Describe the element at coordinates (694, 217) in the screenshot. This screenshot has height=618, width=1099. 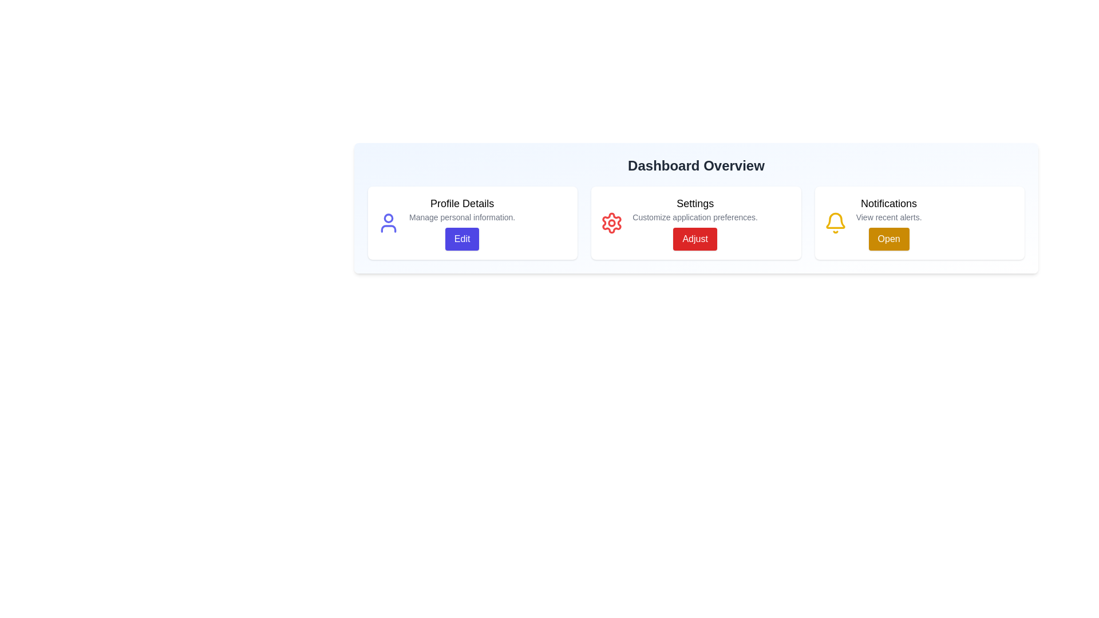
I see `the text element that reads 'Customize application preferences.' which is styled with smaller, subdued gray text and is positioned below the title 'Settings' and above the red button labeled 'Adjust'` at that location.